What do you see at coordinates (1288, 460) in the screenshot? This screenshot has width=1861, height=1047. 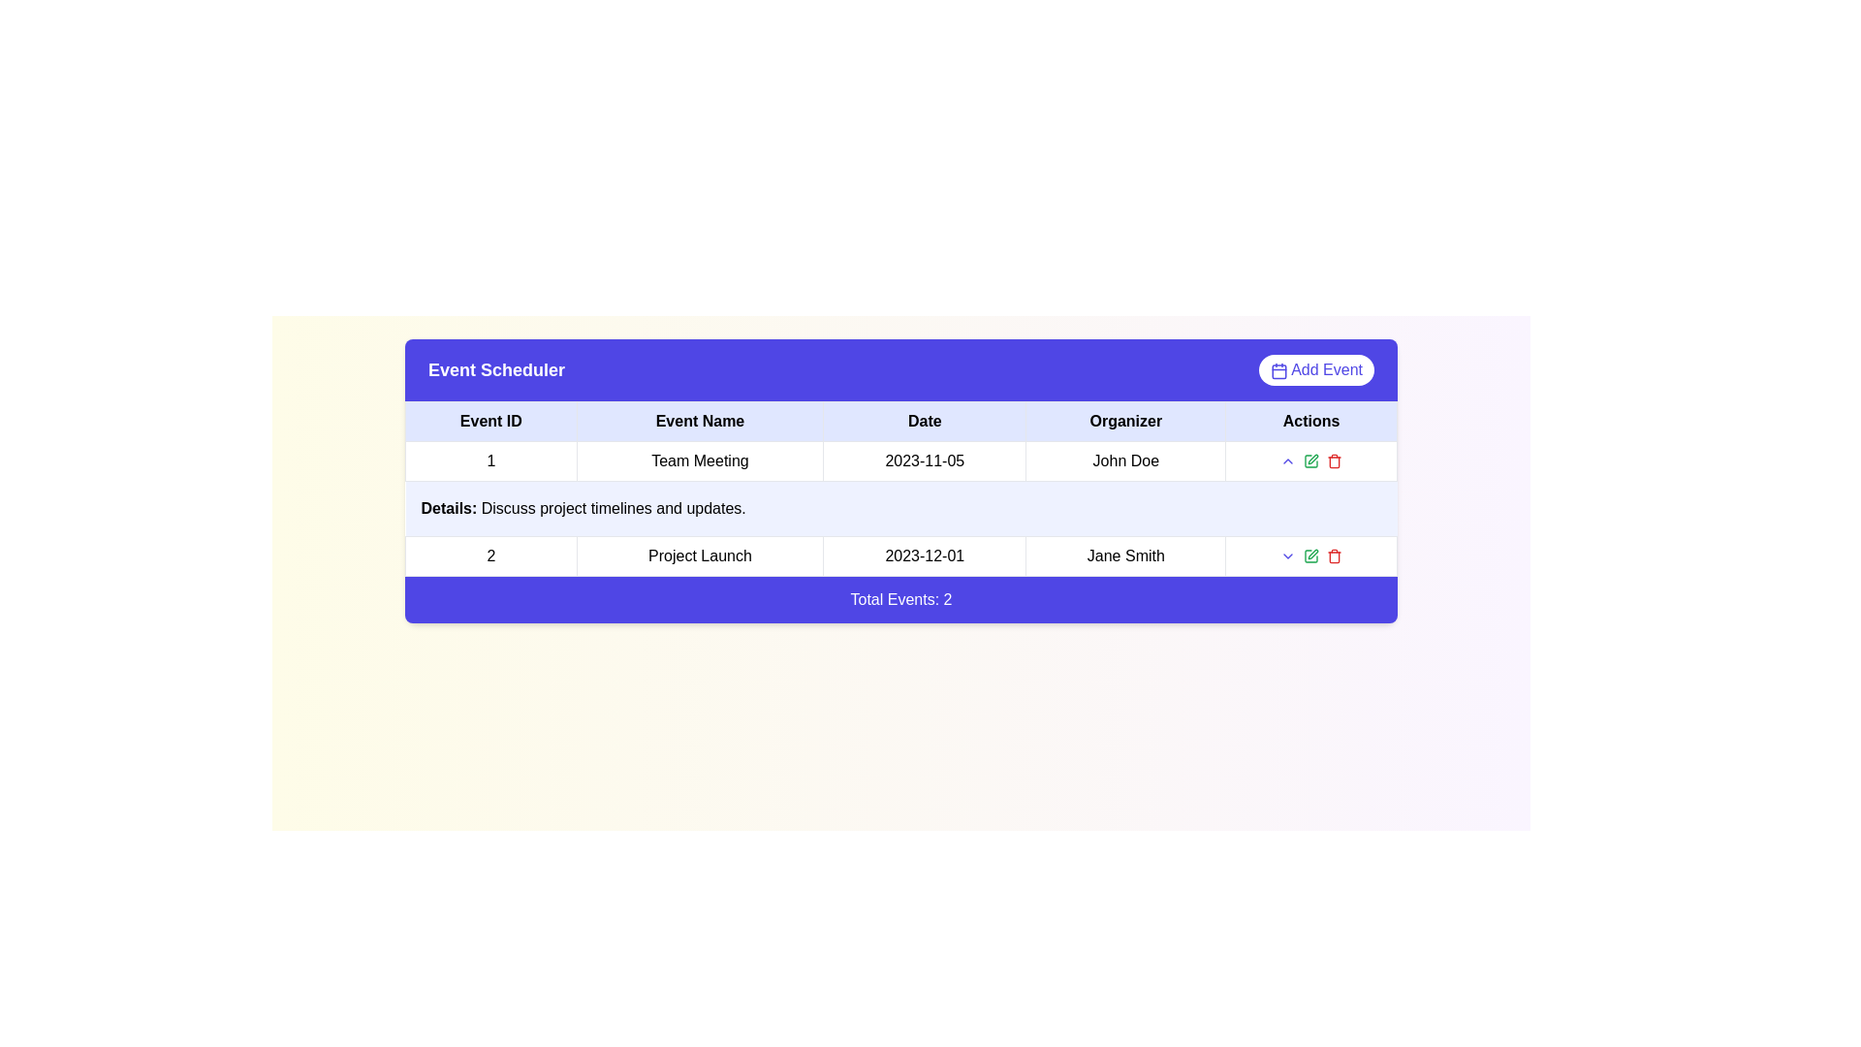 I see `the small up-chevron button, which is the first interactive icon in the second row of the table under the 'Actions' column` at bounding box center [1288, 460].